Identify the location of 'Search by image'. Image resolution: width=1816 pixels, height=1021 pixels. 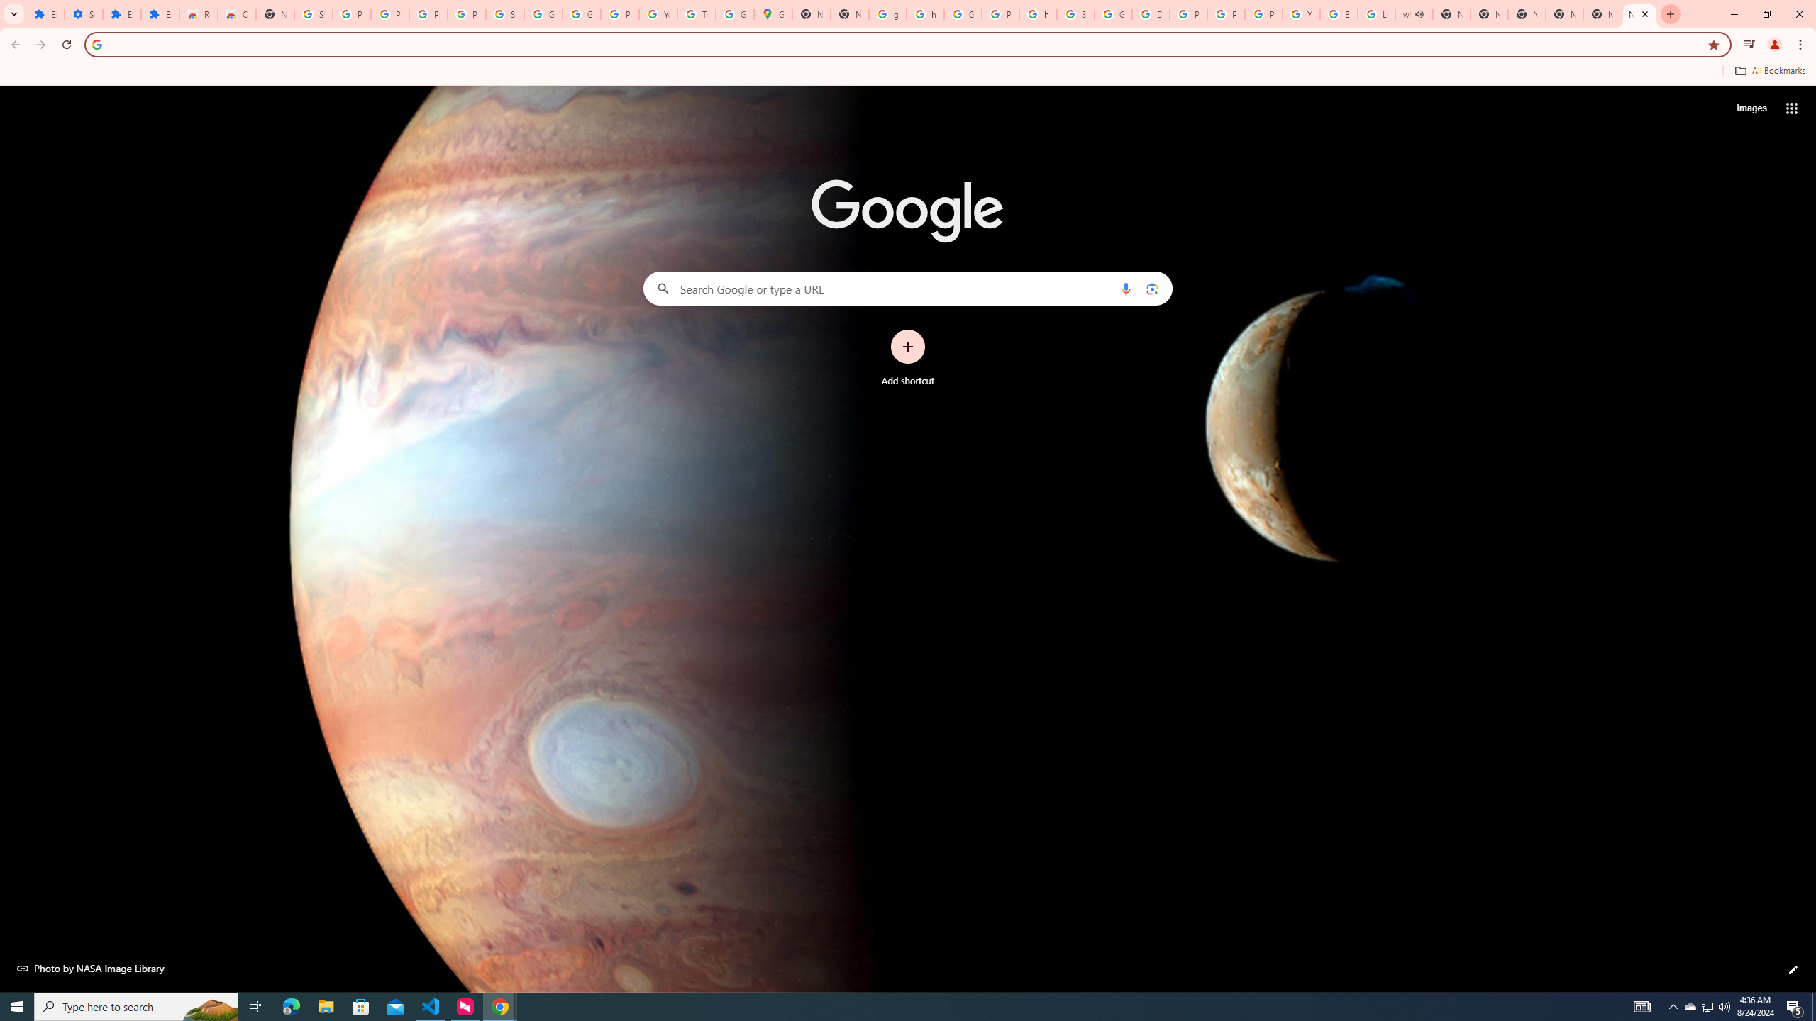
(1151, 287).